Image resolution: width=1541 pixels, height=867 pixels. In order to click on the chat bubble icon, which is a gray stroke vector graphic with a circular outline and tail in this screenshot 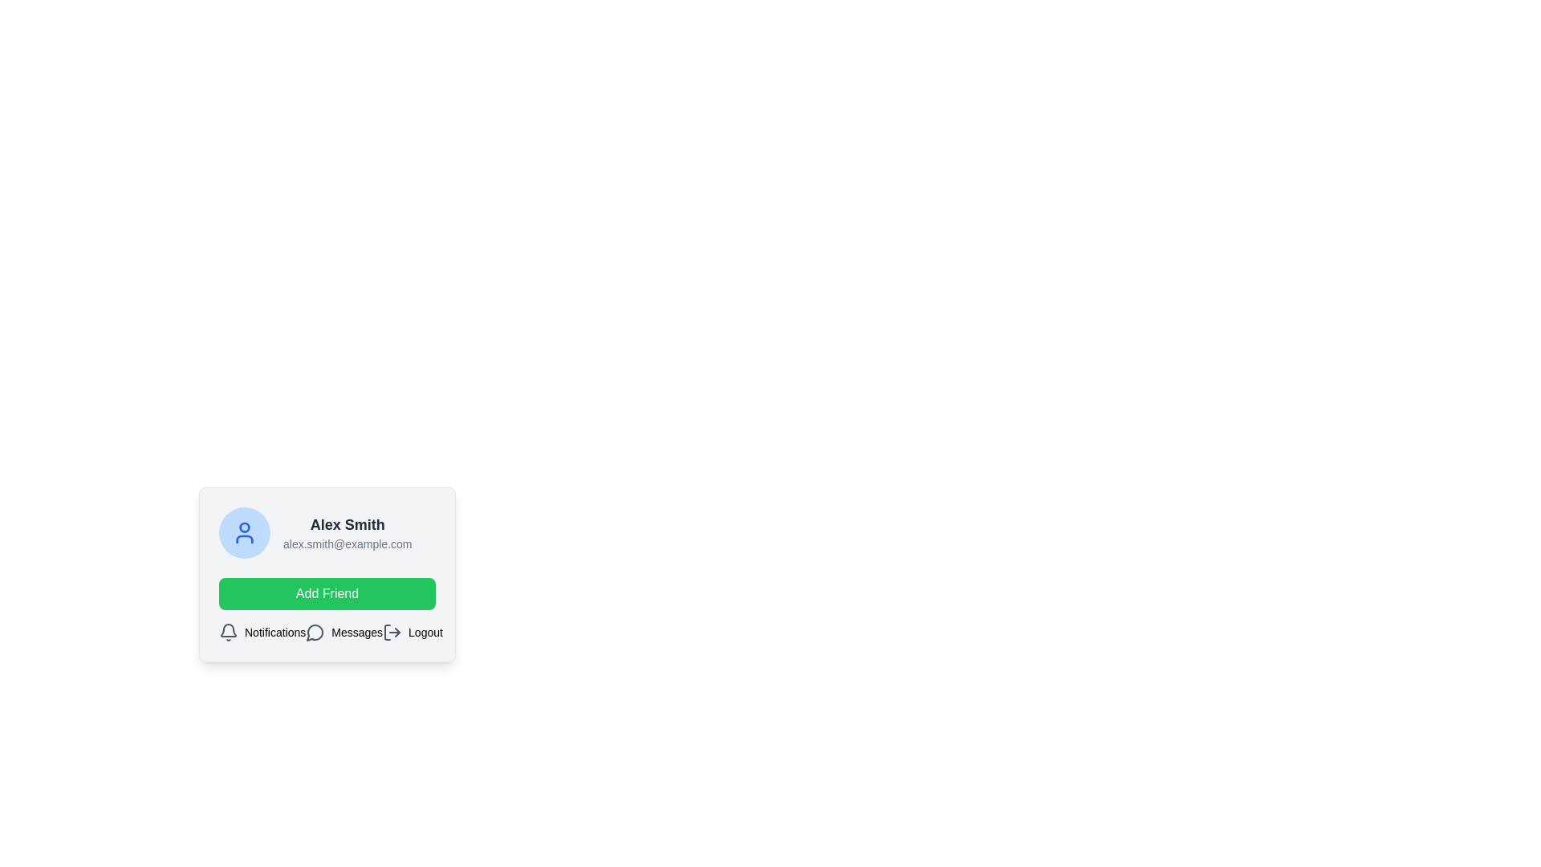, I will do `click(315, 632)`.